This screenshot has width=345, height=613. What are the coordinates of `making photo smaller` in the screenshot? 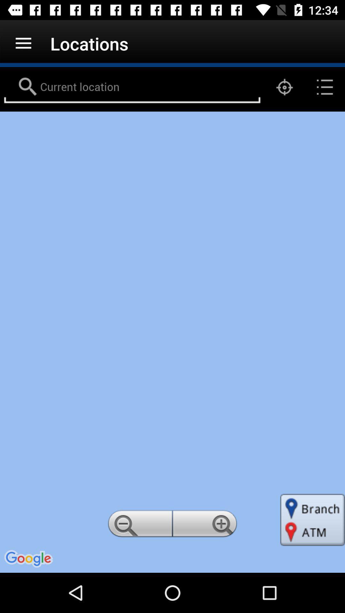 It's located at (139, 526).